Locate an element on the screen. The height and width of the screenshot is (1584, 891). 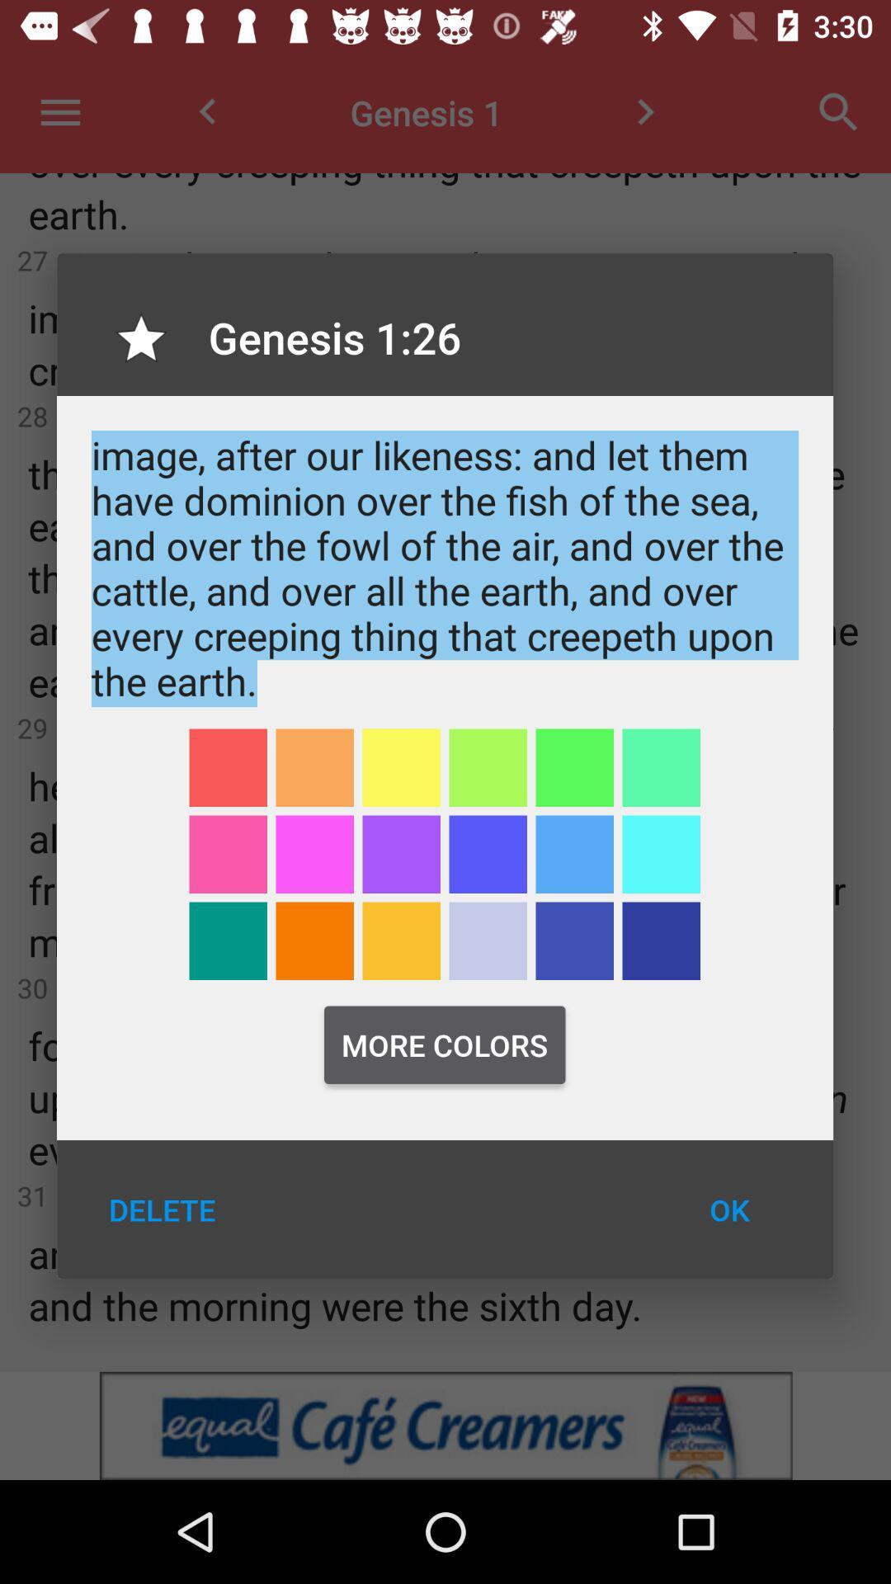
the delete icon is located at coordinates (162, 1209).